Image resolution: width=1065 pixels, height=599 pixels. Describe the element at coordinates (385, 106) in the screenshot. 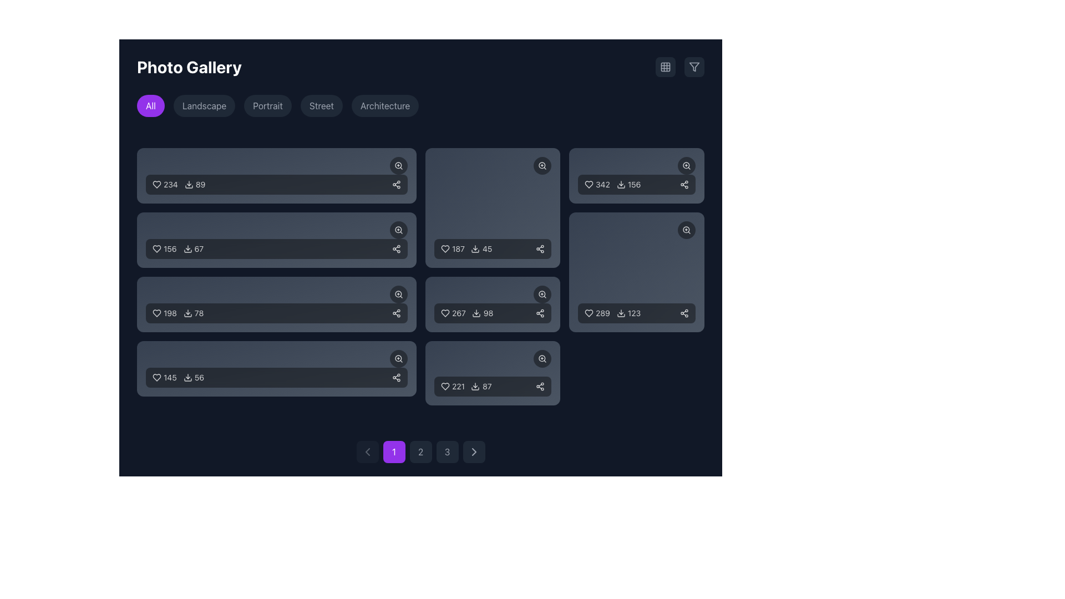

I see `the filter button for 'Architecture' located below the title 'Photo Gallery'` at that location.